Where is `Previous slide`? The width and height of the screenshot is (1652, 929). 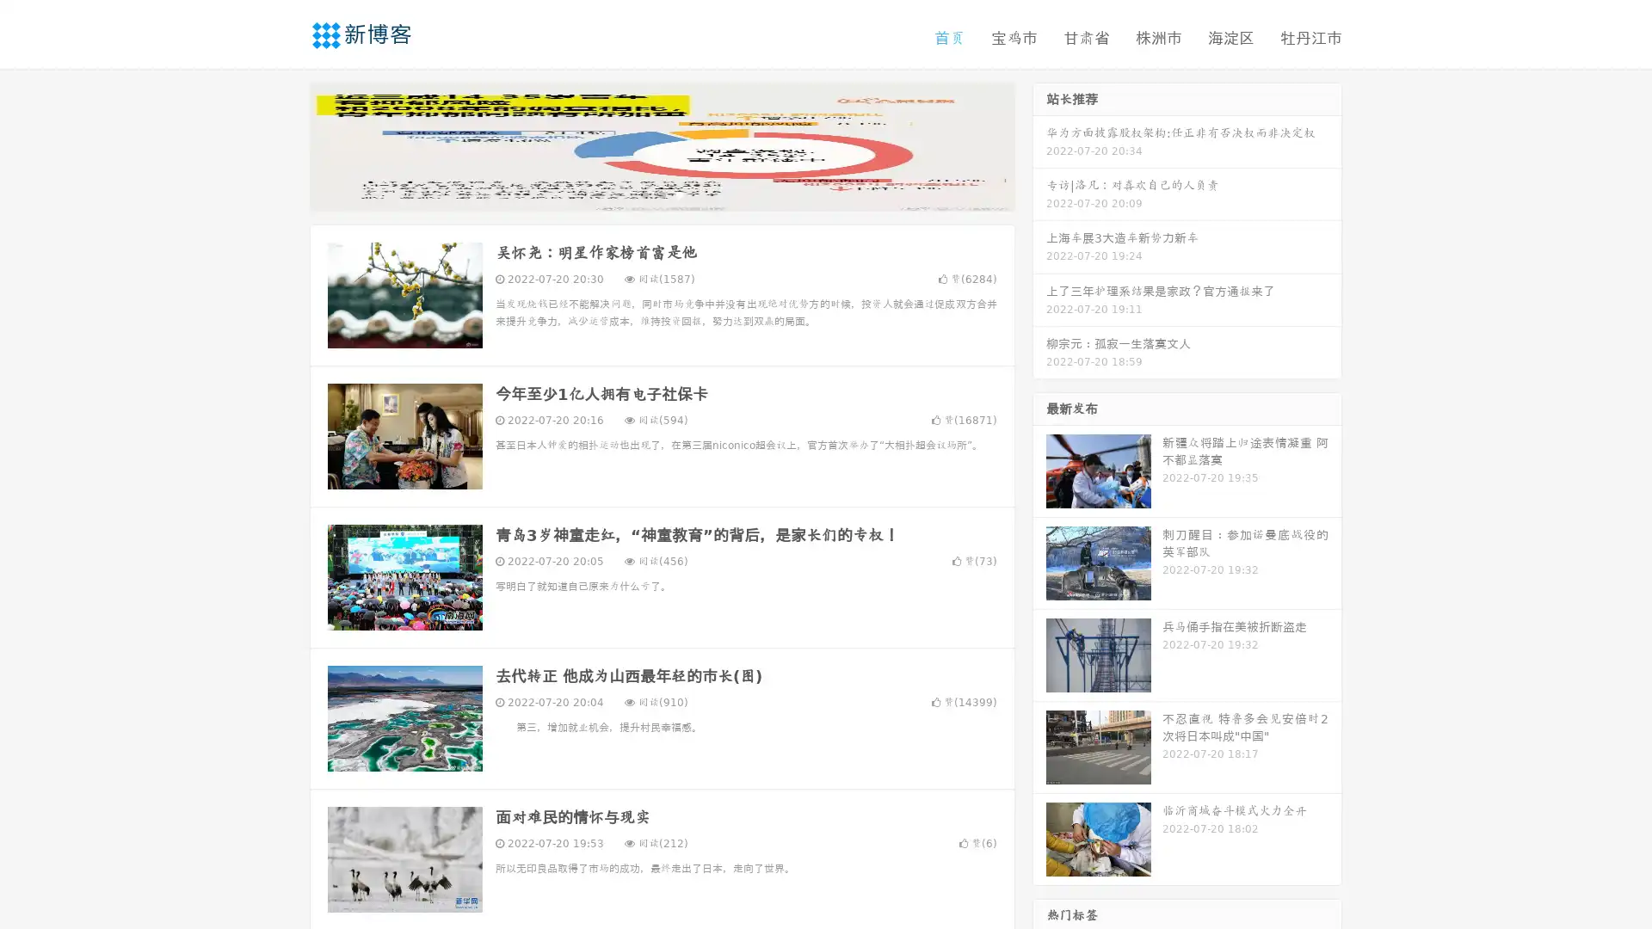
Previous slide is located at coordinates (284, 145).